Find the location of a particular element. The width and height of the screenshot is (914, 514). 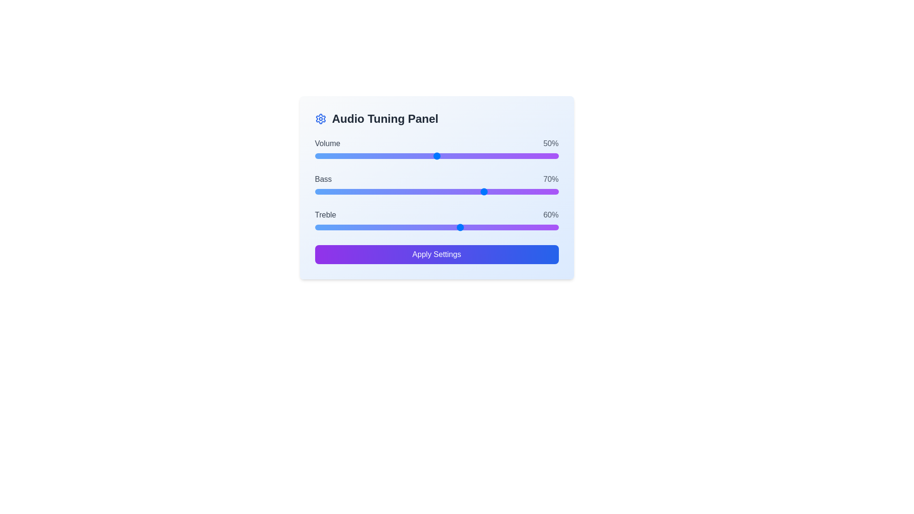

the gear icon used for settings, located on the leftmost side of the 'Audio Tuning Panel' header, adjacent to the text 'Audio Tuning Panel' is located at coordinates (320, 119).